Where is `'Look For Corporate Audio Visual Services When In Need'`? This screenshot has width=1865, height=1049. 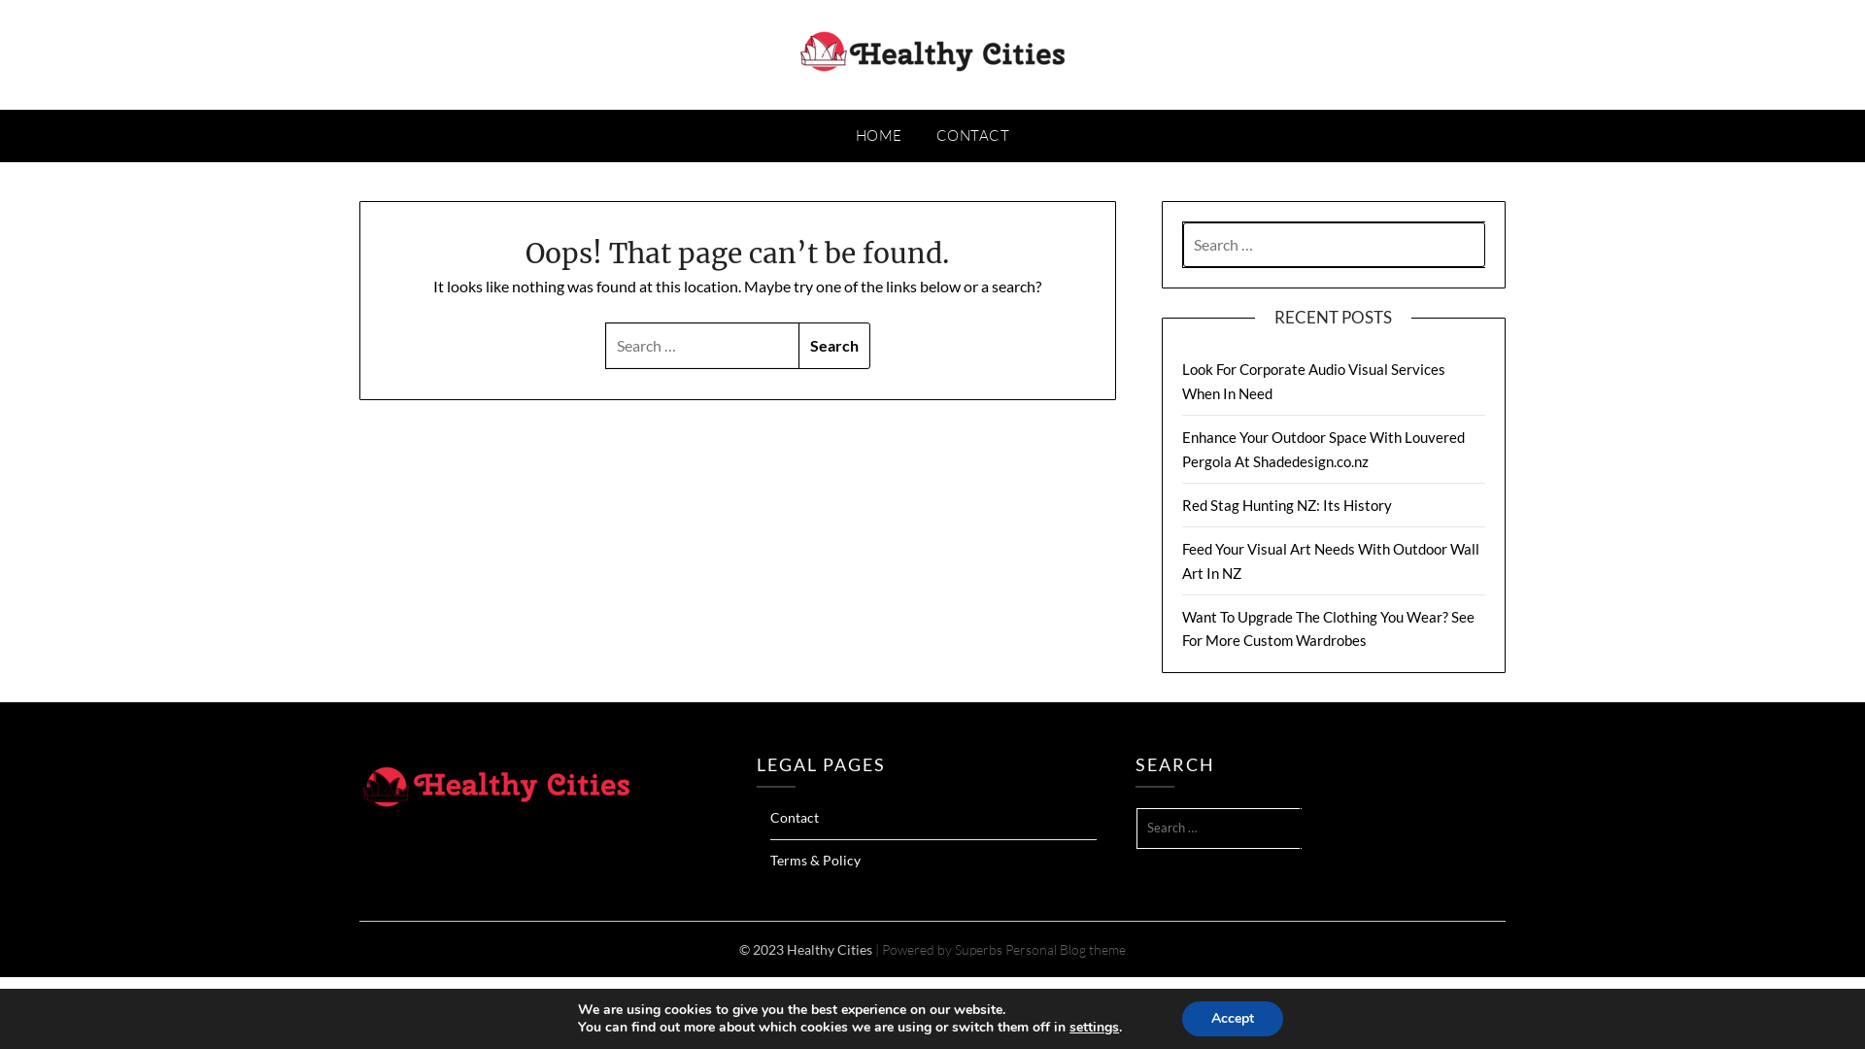
'Look For Corporate Audio Visual Services When In Need' is located at coordinates (1313, 381).